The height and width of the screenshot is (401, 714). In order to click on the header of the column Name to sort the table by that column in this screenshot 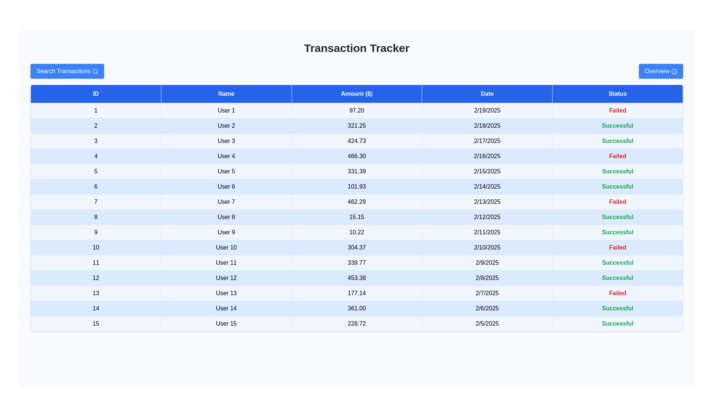, I will do `click(226, 94)`.